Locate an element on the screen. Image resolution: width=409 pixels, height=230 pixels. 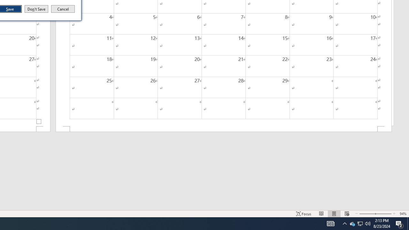
'Focus ' is located at coordinates (304, 214).